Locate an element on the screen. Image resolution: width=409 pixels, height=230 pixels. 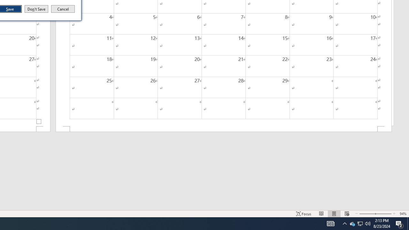
'Focus ' is located at coordinates (304, 214).